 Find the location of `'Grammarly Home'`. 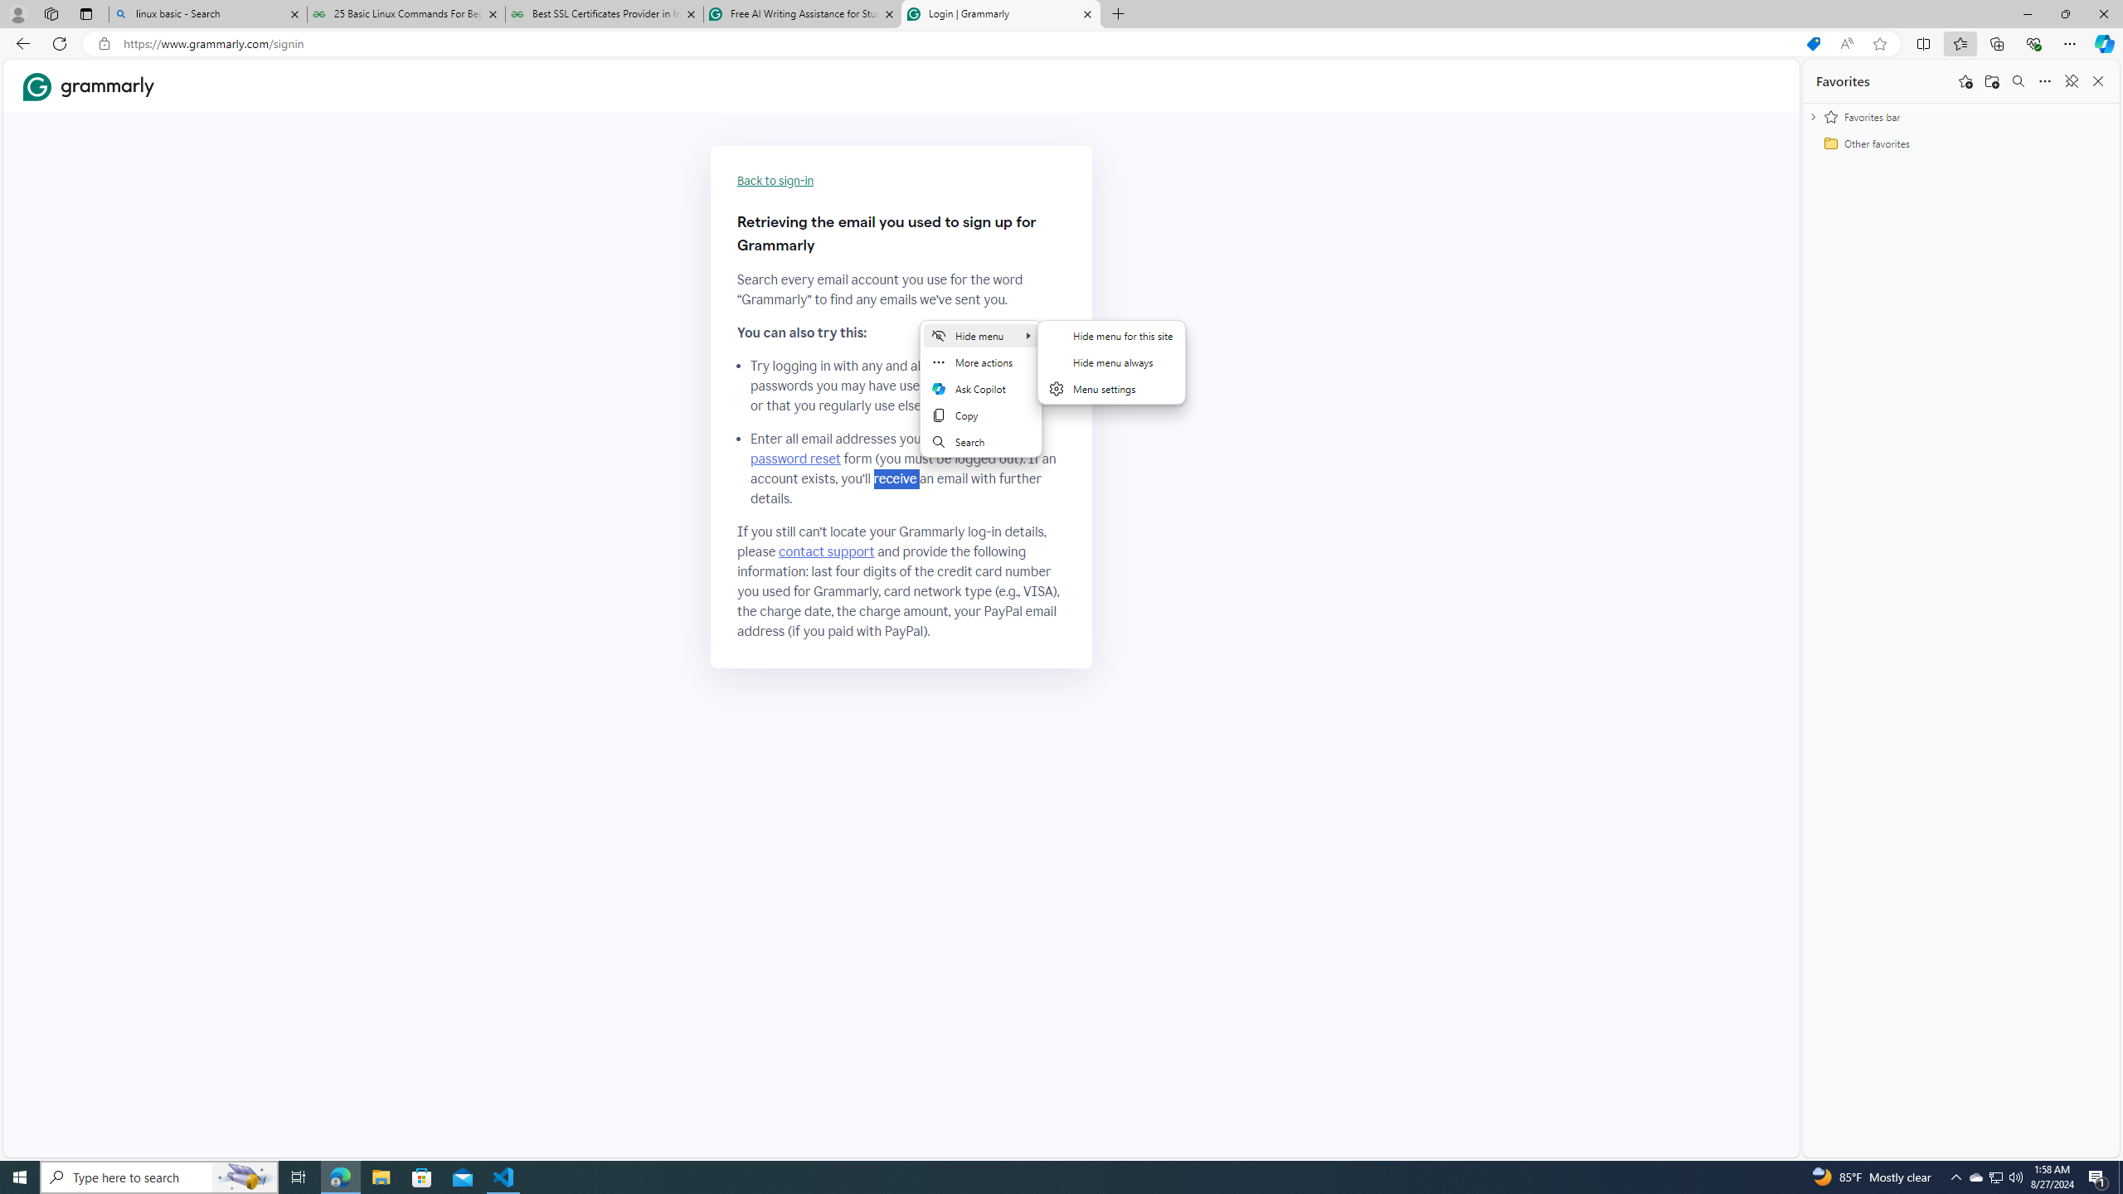

'Grammarly Home' is located at coordinates (88, 85).